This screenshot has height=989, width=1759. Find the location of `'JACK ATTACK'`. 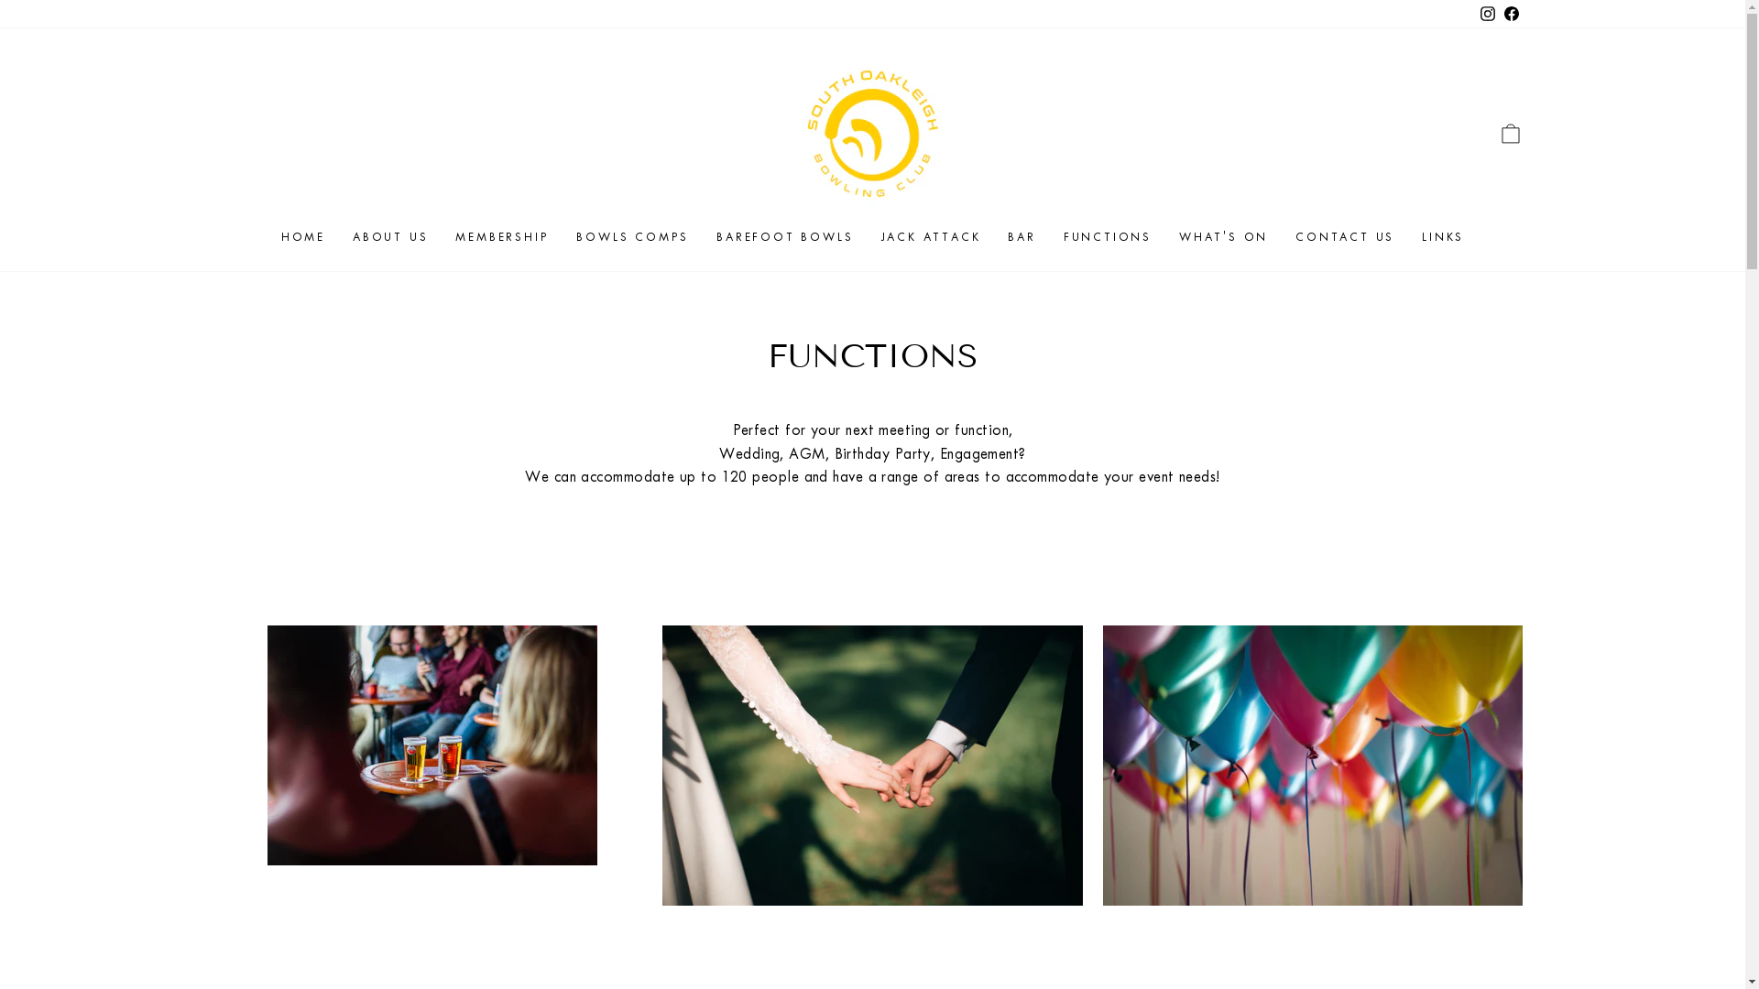

'JACK ATTACK' is located at coordinates (930, 235).